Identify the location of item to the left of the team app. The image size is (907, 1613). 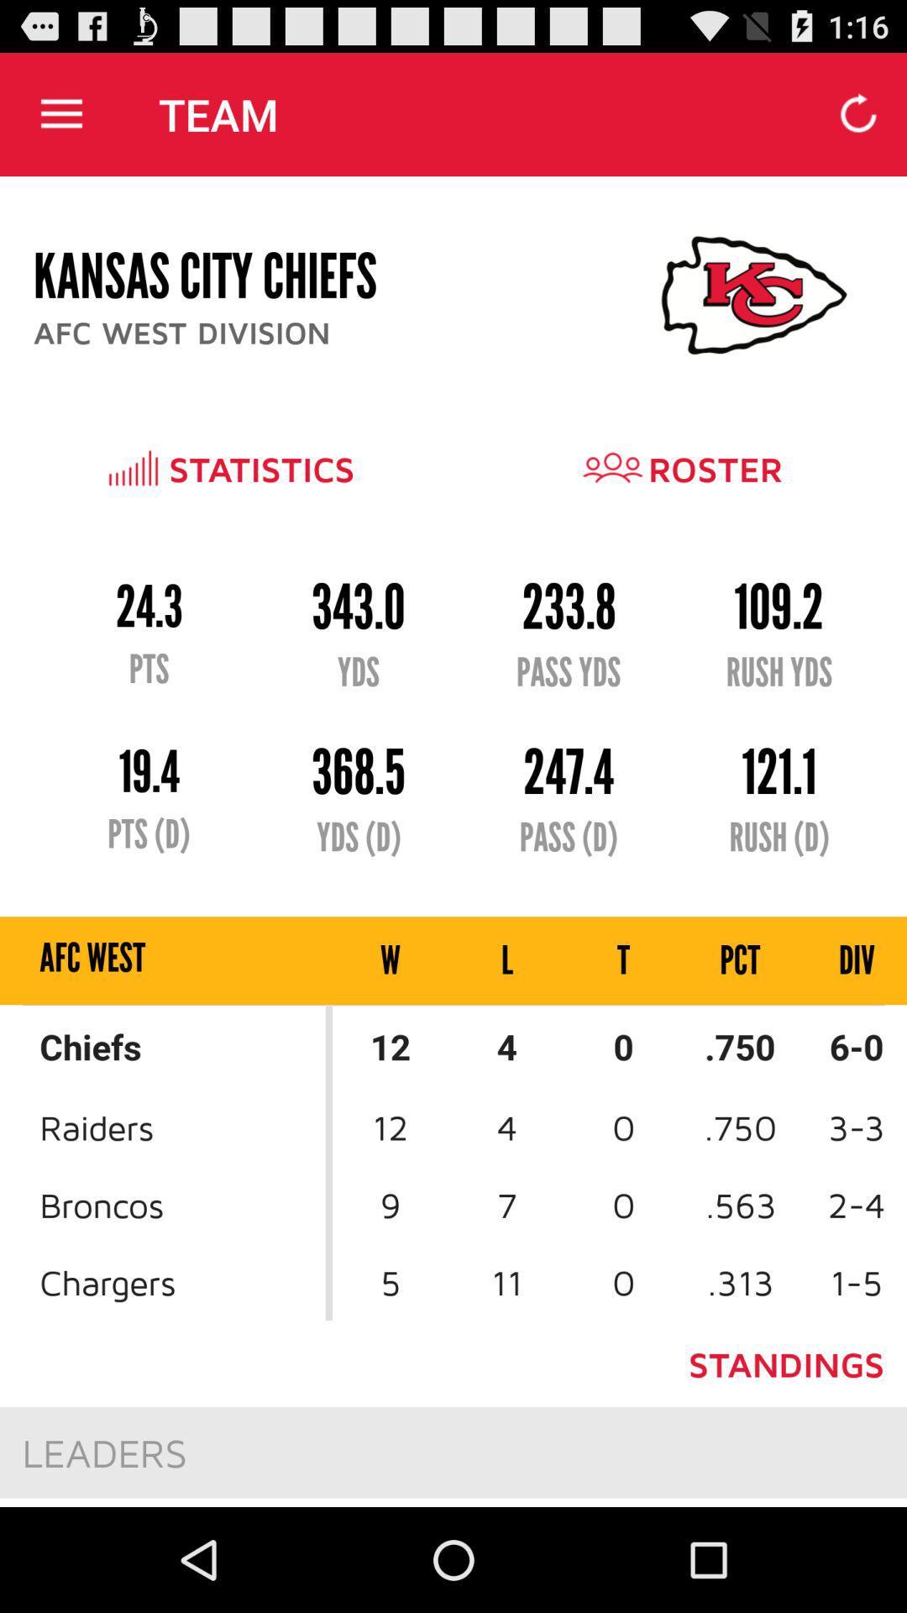
(60, 113).